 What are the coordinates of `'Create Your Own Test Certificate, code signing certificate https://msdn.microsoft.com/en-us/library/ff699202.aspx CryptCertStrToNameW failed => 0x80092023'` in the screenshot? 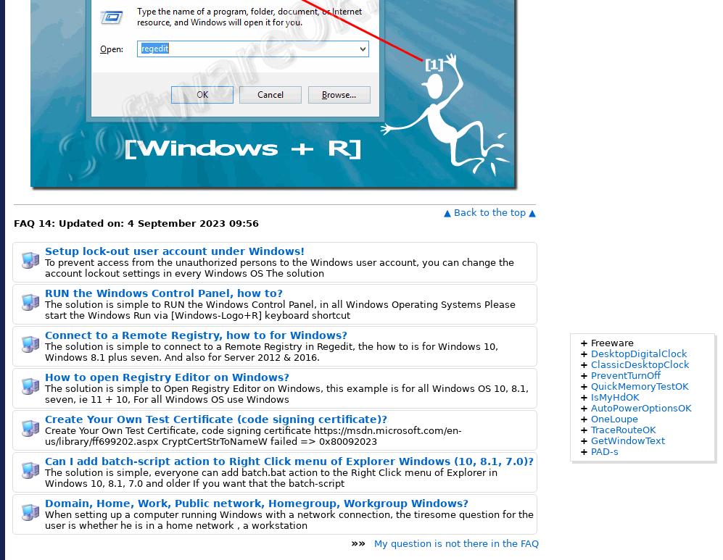 It's located at (44, 435).